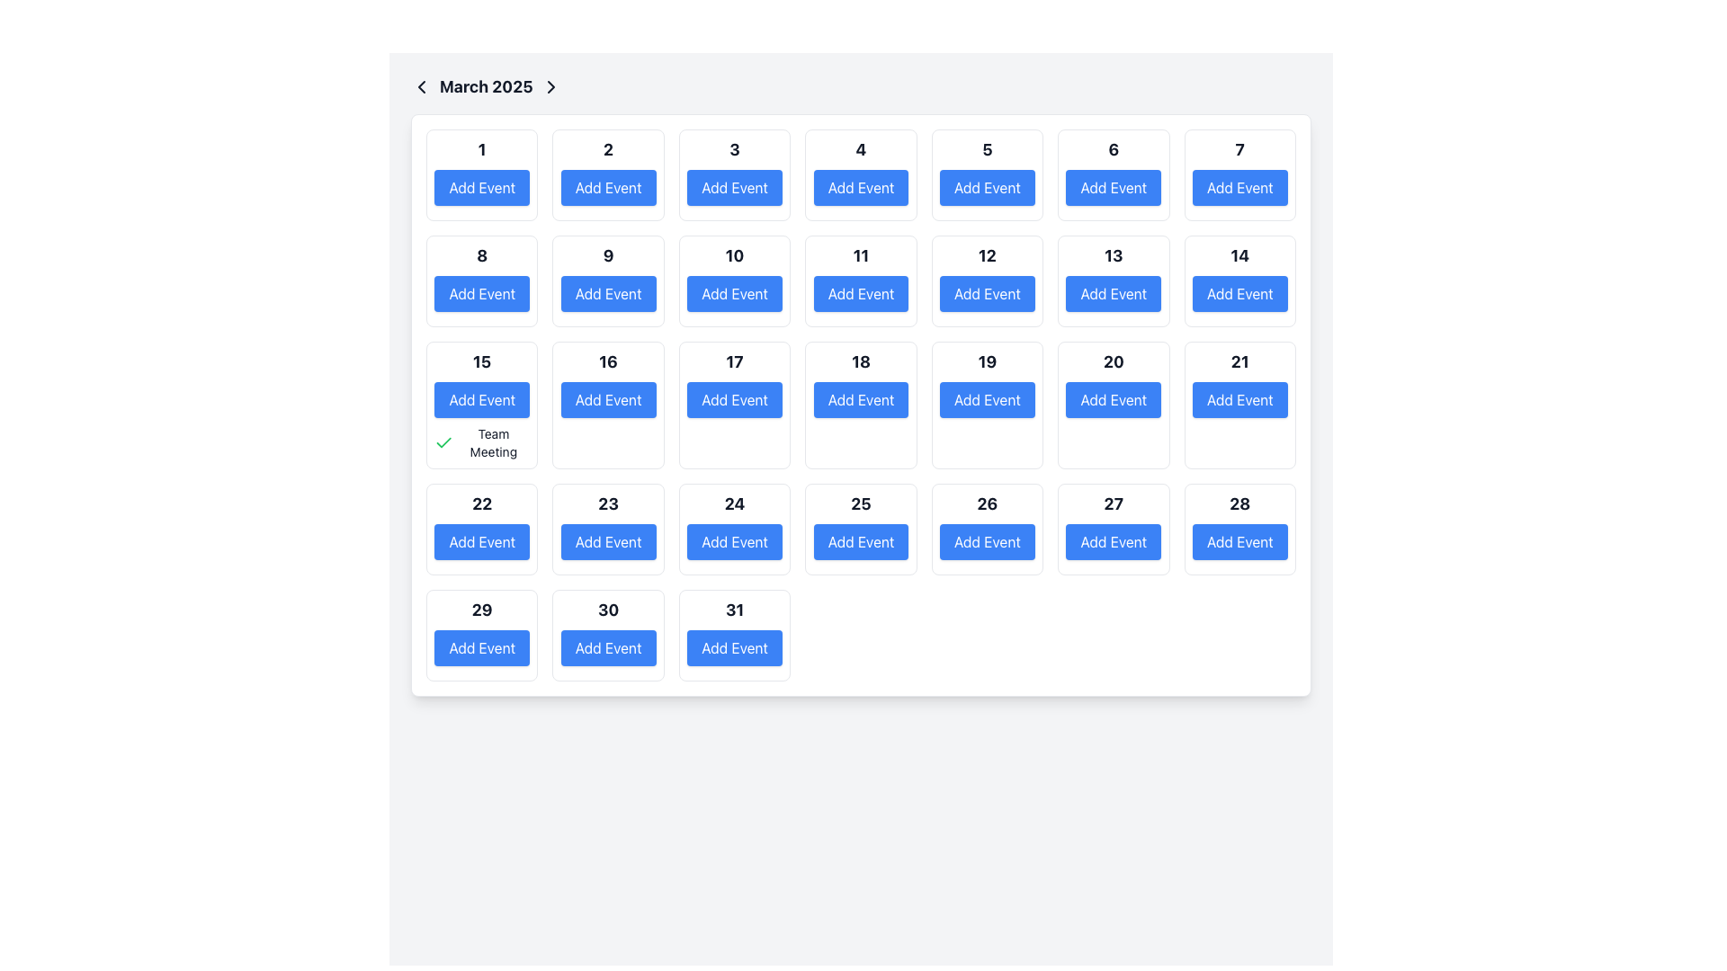  Describe the element at coordinates (493, 443) in the screenshot. I see `the 'Team Meeting' static text label` at that location.